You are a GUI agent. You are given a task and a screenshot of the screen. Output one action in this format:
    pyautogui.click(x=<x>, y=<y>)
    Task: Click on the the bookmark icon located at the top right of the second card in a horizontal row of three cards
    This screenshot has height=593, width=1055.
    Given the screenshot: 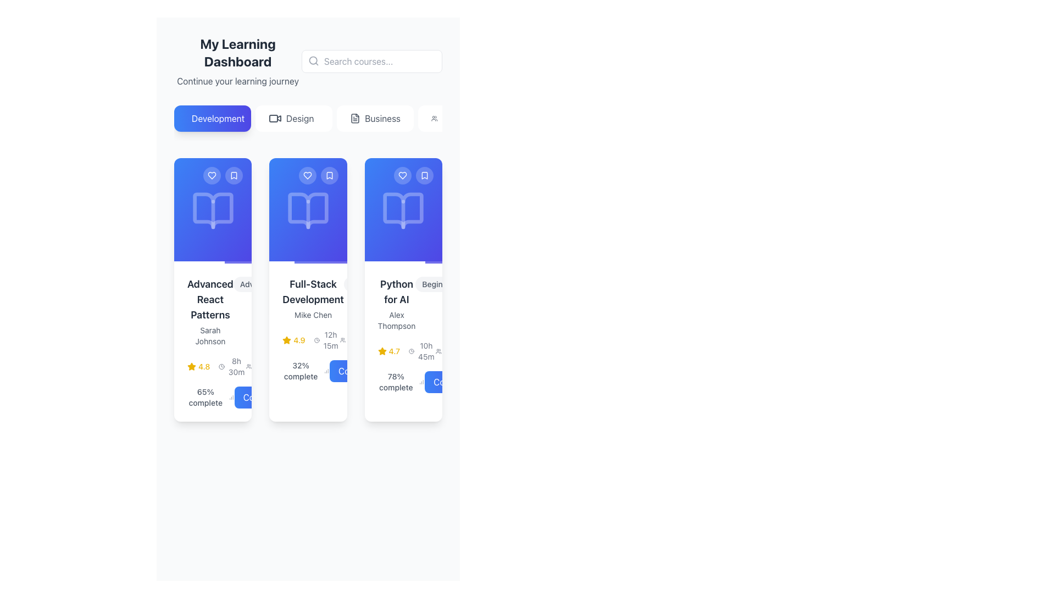 What is the action you would take?
    pyautogui.click(x=234, y=175)
    